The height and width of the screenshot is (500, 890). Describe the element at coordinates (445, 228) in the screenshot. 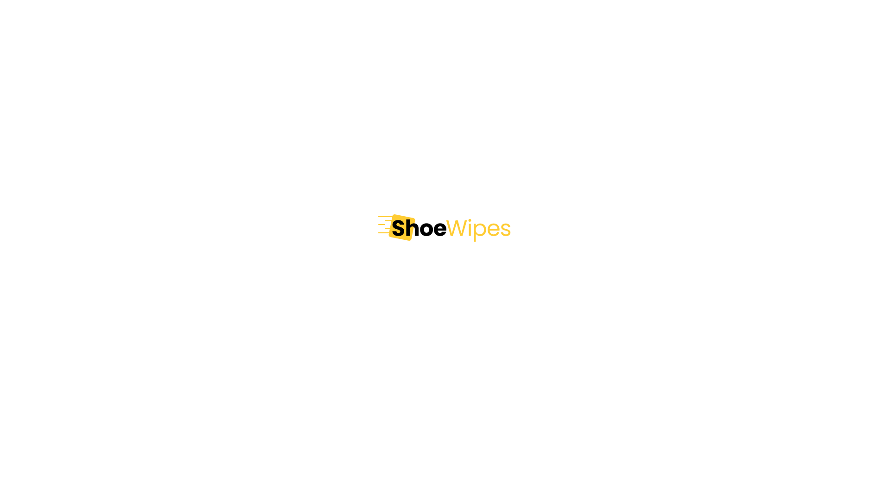

I see `'Shoe Wipes'` at that location.